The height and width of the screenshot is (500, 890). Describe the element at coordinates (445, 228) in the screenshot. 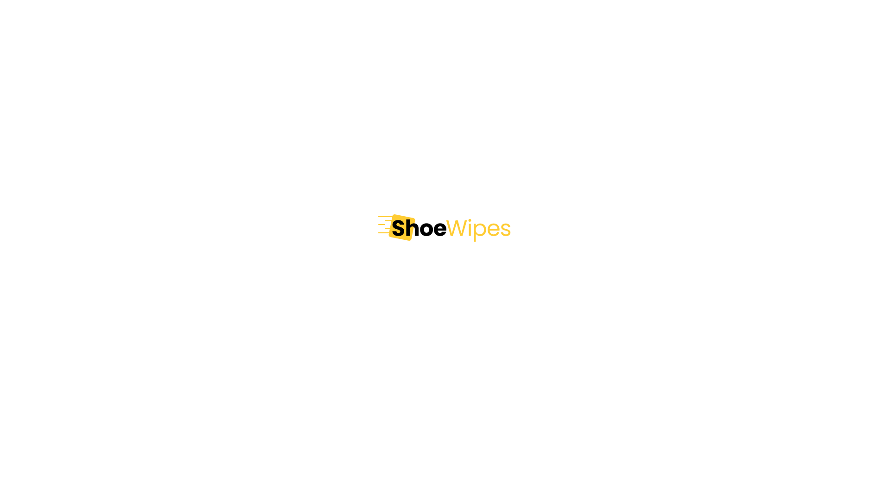

I see `'Shoe Wipes'` at that location.